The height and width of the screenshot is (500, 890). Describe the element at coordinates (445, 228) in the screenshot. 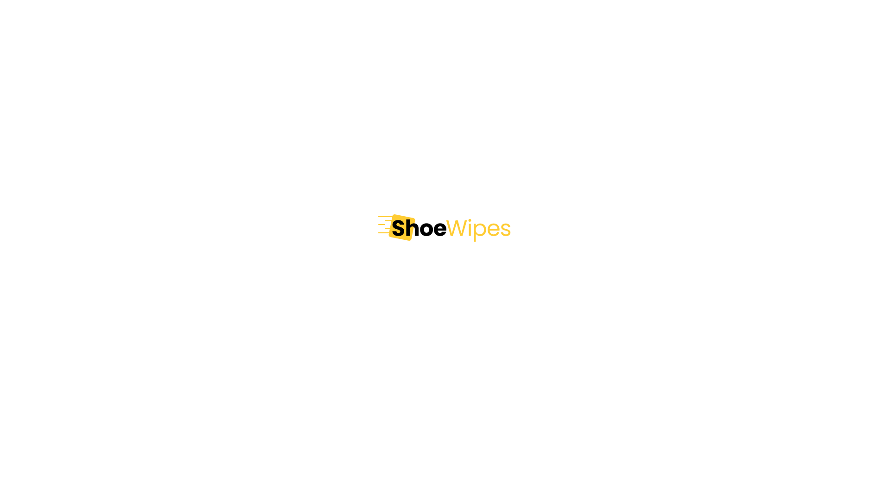

I see `'Shoe Wipes'` at that location.